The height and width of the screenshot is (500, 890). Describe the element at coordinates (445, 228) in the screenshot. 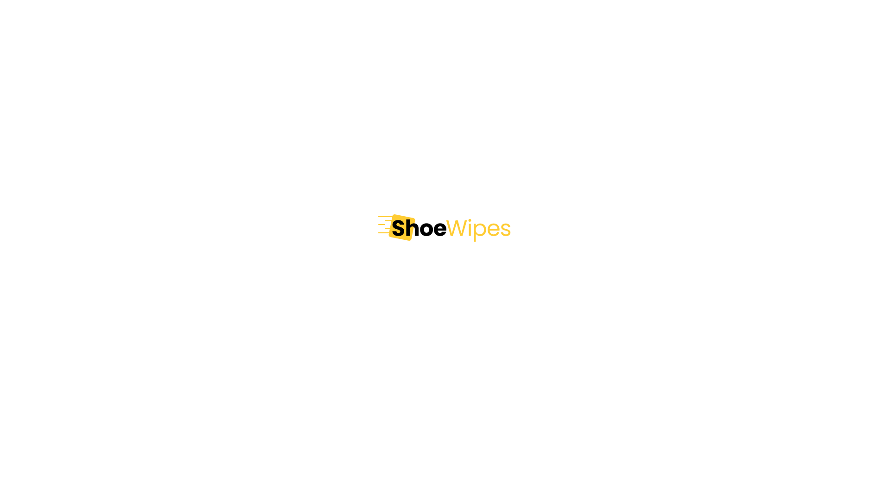

I see `'Shoe Wipes'` at that location.